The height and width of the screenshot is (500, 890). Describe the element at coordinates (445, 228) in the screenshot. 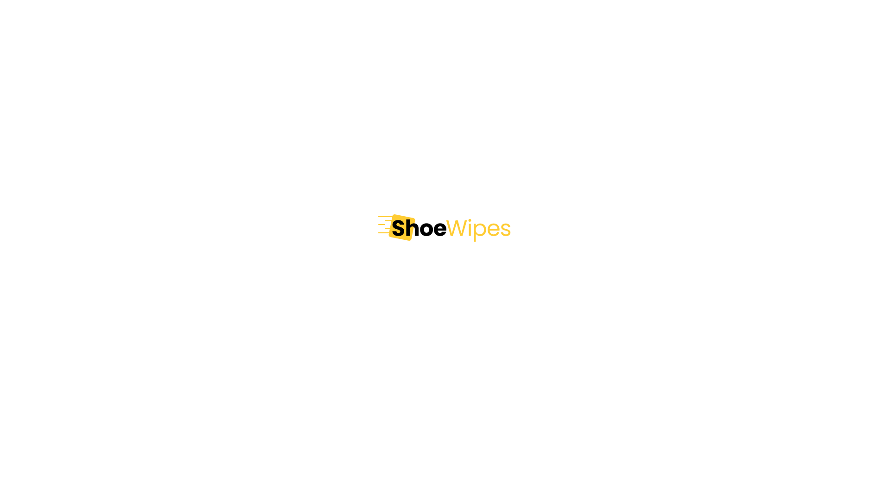

I see `'Shoe Wipes'` at that location.